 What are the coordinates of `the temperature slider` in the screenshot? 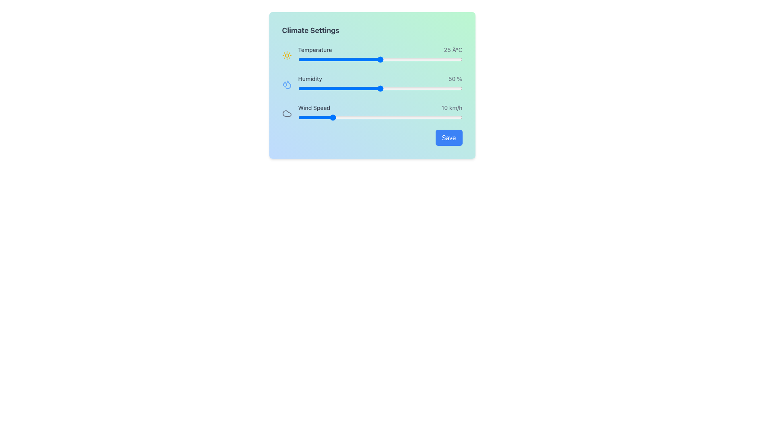 It's located at (373, 59).